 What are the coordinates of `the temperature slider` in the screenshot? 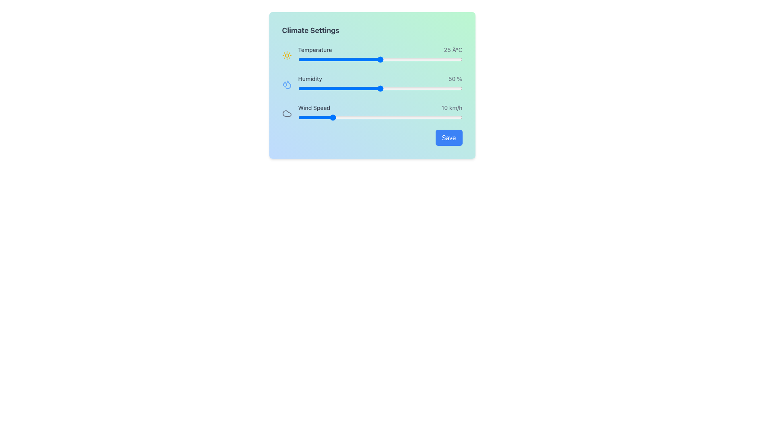 It's located at (373, 59).